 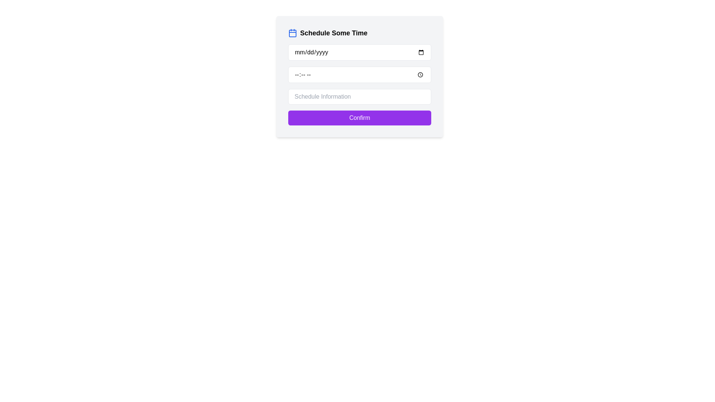 I want to click on the calendar icon with a blue outline, located to the left of the 'Schedule Some Time' text in the heading section, so click(x=292, y=32).